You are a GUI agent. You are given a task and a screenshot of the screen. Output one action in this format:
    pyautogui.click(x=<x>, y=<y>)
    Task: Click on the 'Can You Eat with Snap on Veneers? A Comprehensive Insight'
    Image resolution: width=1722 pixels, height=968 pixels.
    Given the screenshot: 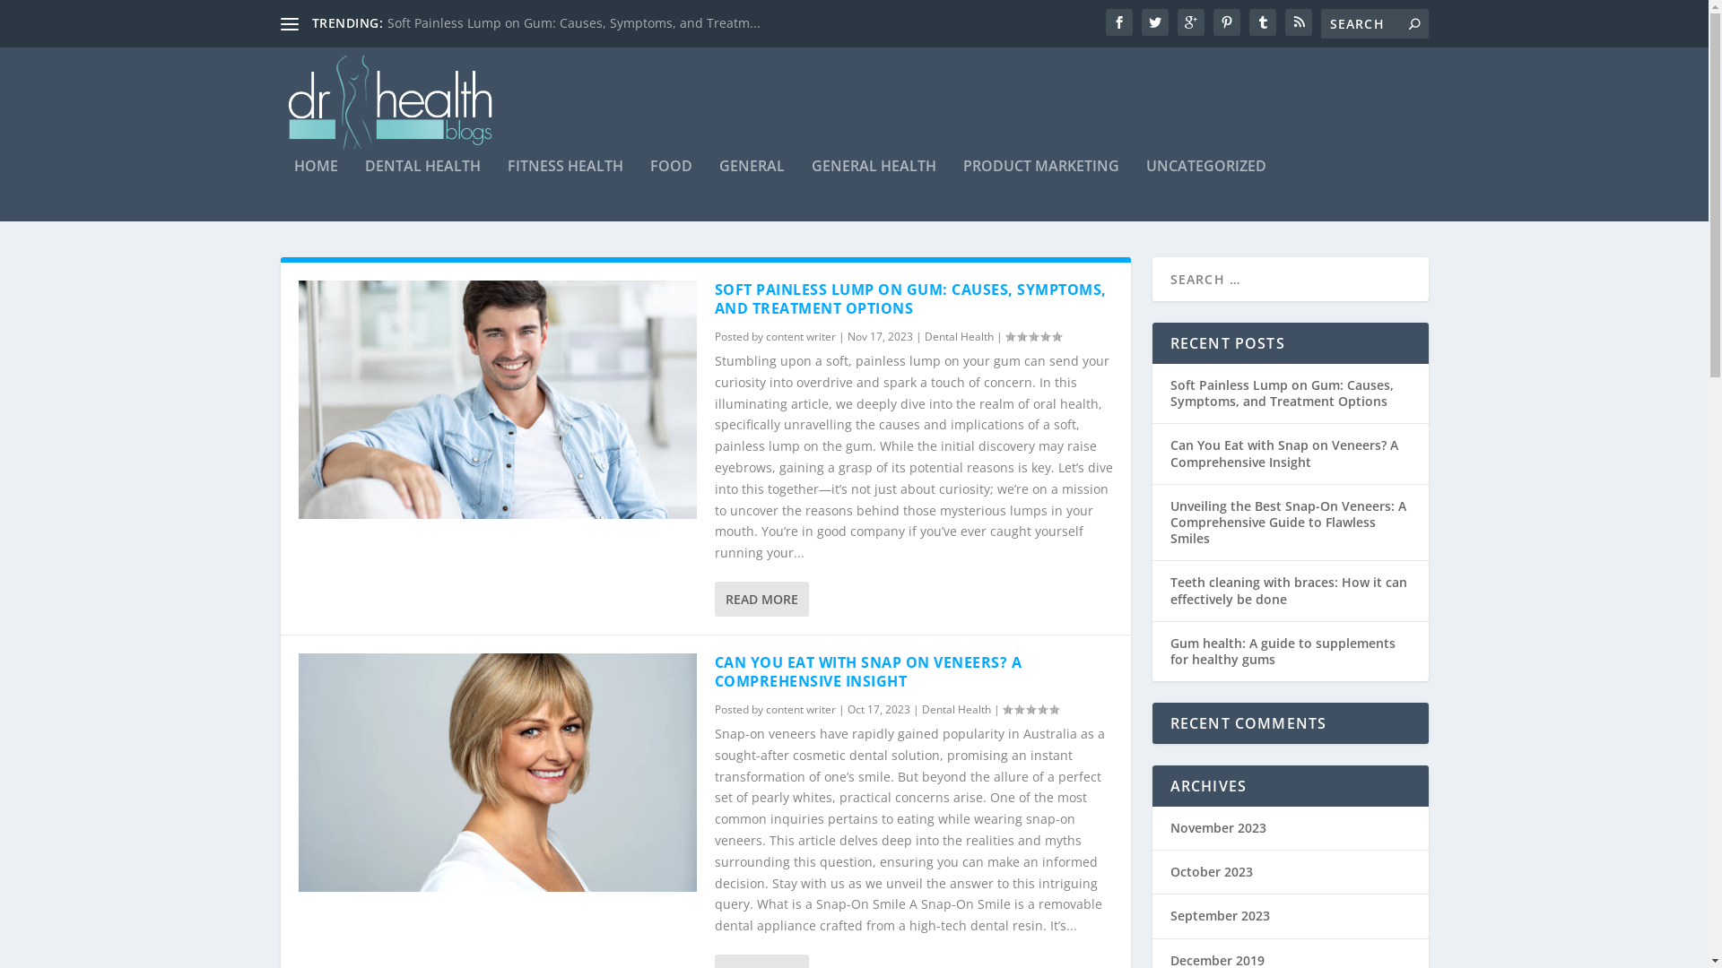 What is the action you would take?
    pyautogui.click(x=496, y=771)
    